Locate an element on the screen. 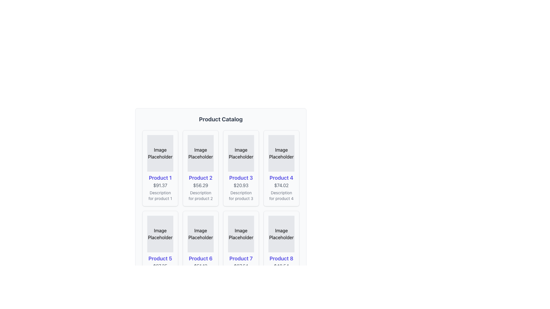  the 4th Product Card in the top-right corner of the visible product catalog, which displays product information including an image, title, price, and description is located at coordinates (281, 168).